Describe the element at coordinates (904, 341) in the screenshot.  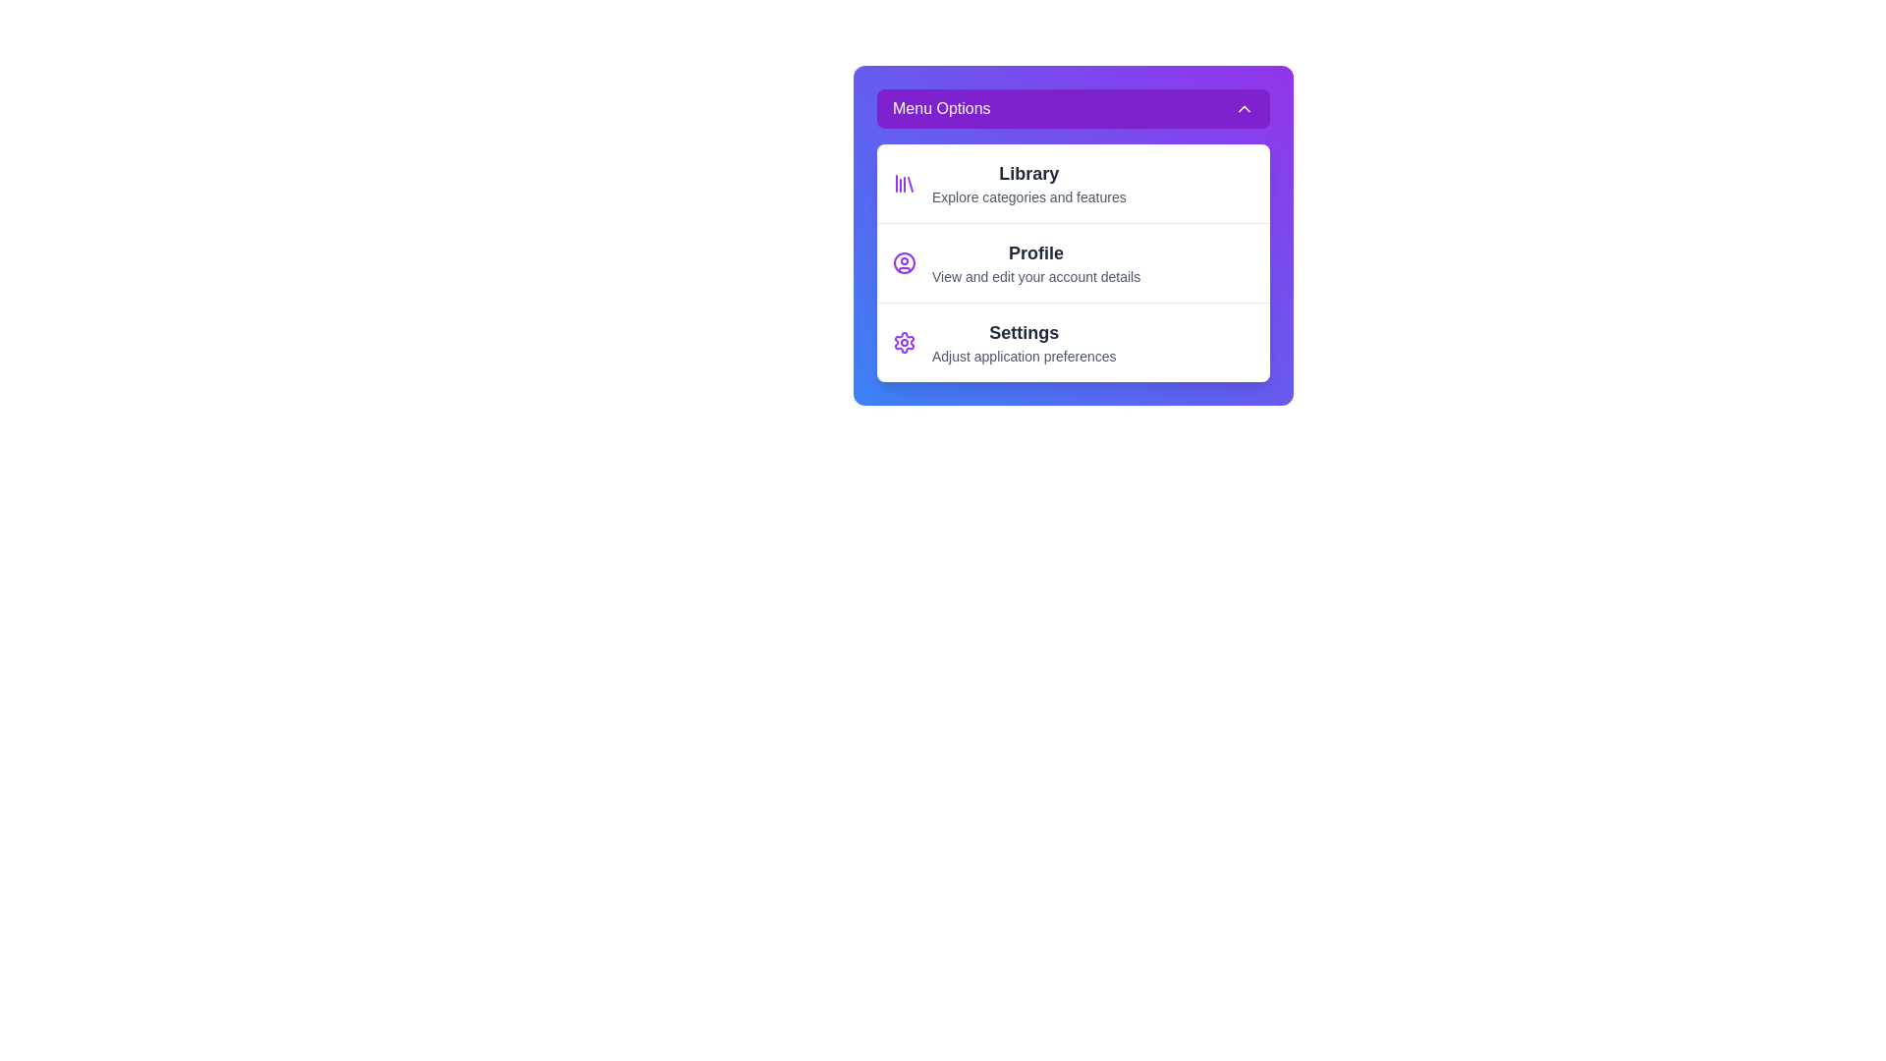
I see `the gear-shaped purple icon located to the left of the text 'Settings Adjust application preferences'` at that location.